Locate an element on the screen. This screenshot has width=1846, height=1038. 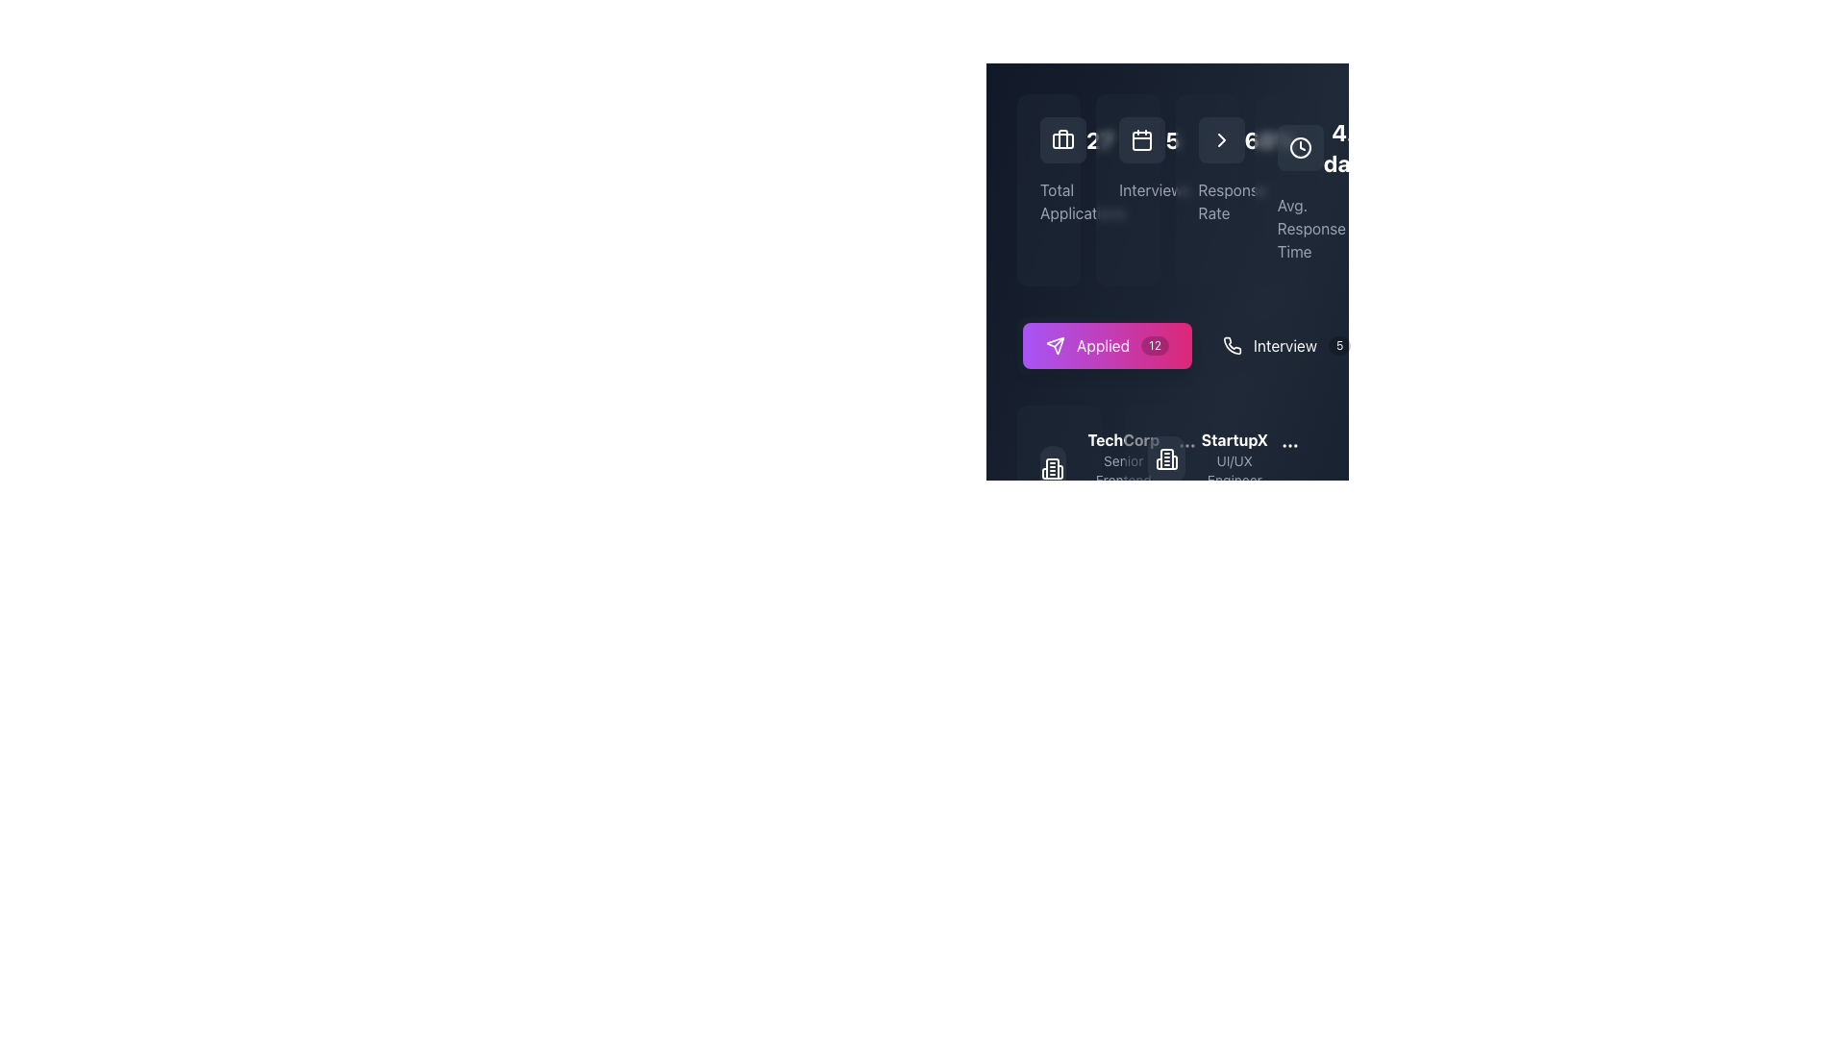
the Text label that lists the job title associated with 'TechCorp', positioned below the bold-text header is located at coordinates (1123, 480).